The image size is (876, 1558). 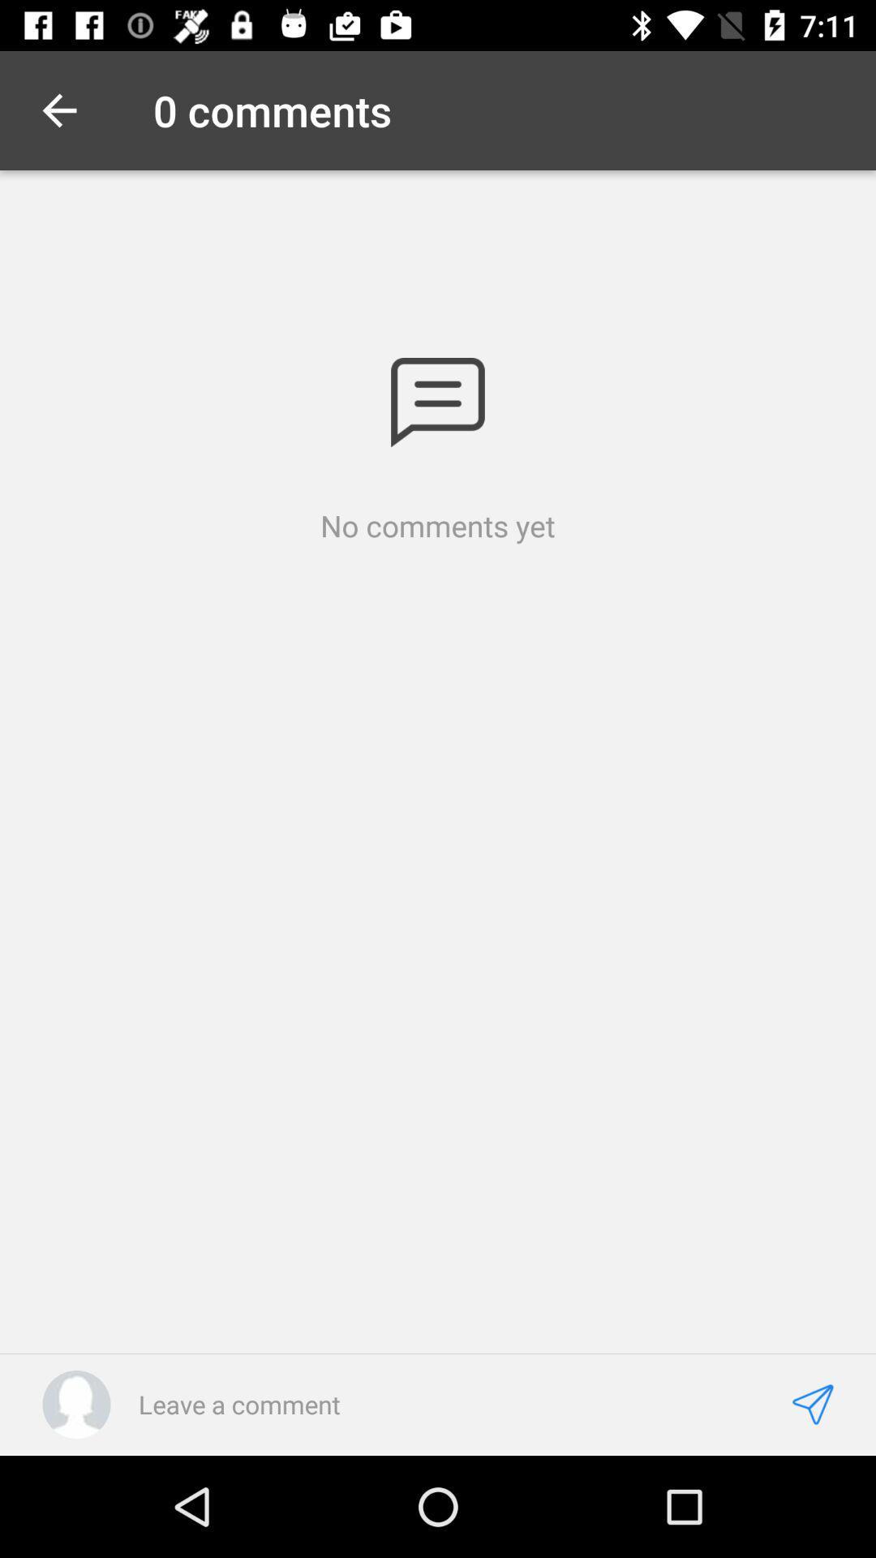 I want to click on no comments yet icon, so click(x=438, y=526).